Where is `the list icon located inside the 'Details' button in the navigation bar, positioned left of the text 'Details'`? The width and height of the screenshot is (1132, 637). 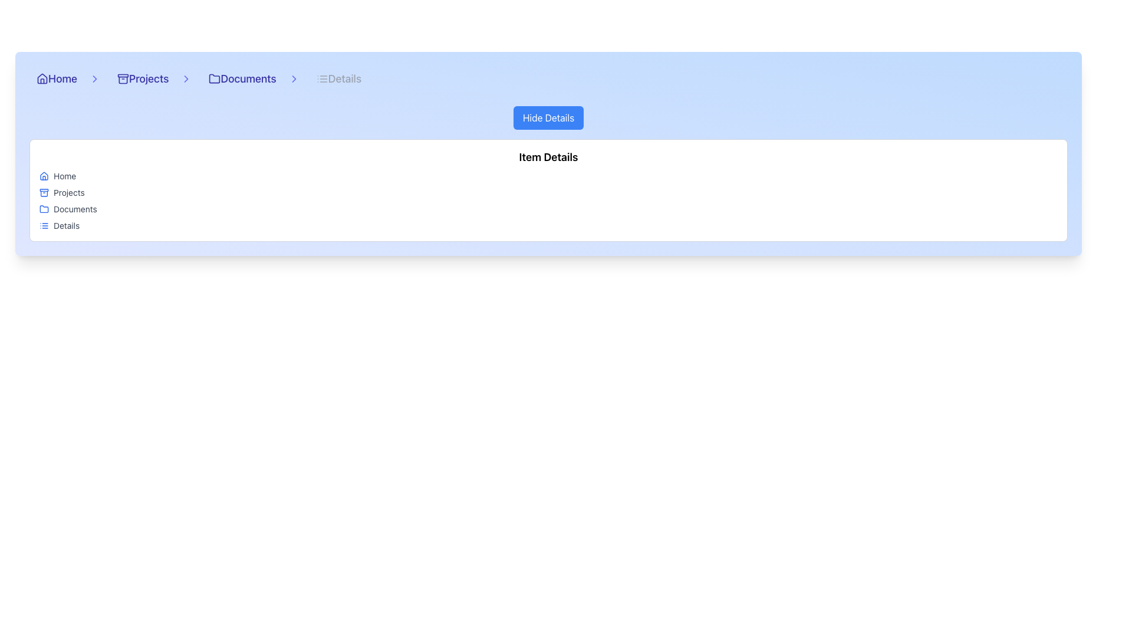
the list icon located inside the 'Details' button in the navigation bar, positioned left of the text 'Details' is located at coordinates (322, 79).